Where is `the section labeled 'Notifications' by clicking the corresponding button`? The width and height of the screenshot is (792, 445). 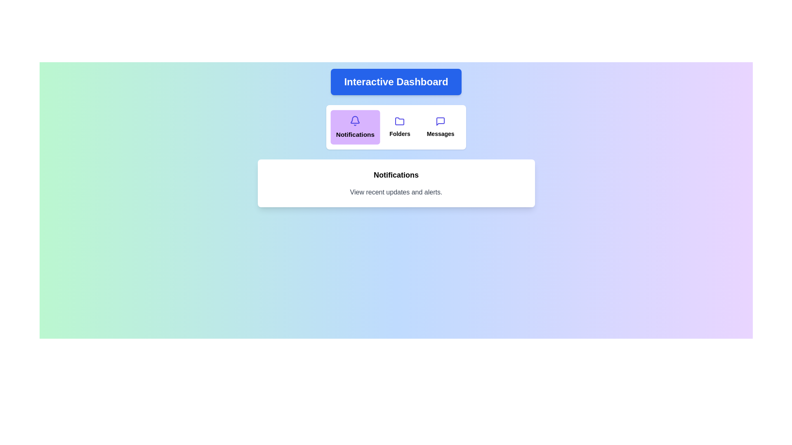 the section labeled 'Notifications' by clicking the corresponding button is located at coordinates (355, 127).